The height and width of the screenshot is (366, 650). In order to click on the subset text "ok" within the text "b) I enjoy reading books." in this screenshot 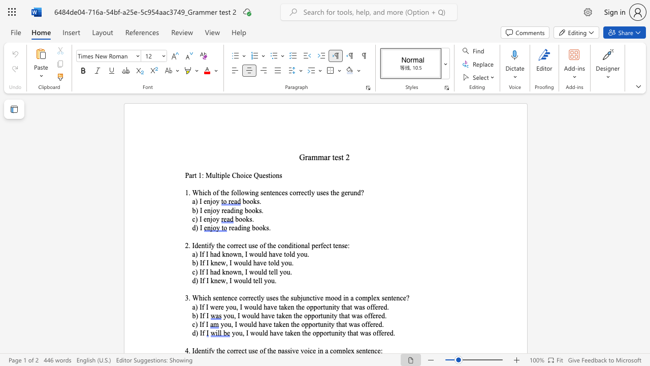, I will do `click(251, 210)`.